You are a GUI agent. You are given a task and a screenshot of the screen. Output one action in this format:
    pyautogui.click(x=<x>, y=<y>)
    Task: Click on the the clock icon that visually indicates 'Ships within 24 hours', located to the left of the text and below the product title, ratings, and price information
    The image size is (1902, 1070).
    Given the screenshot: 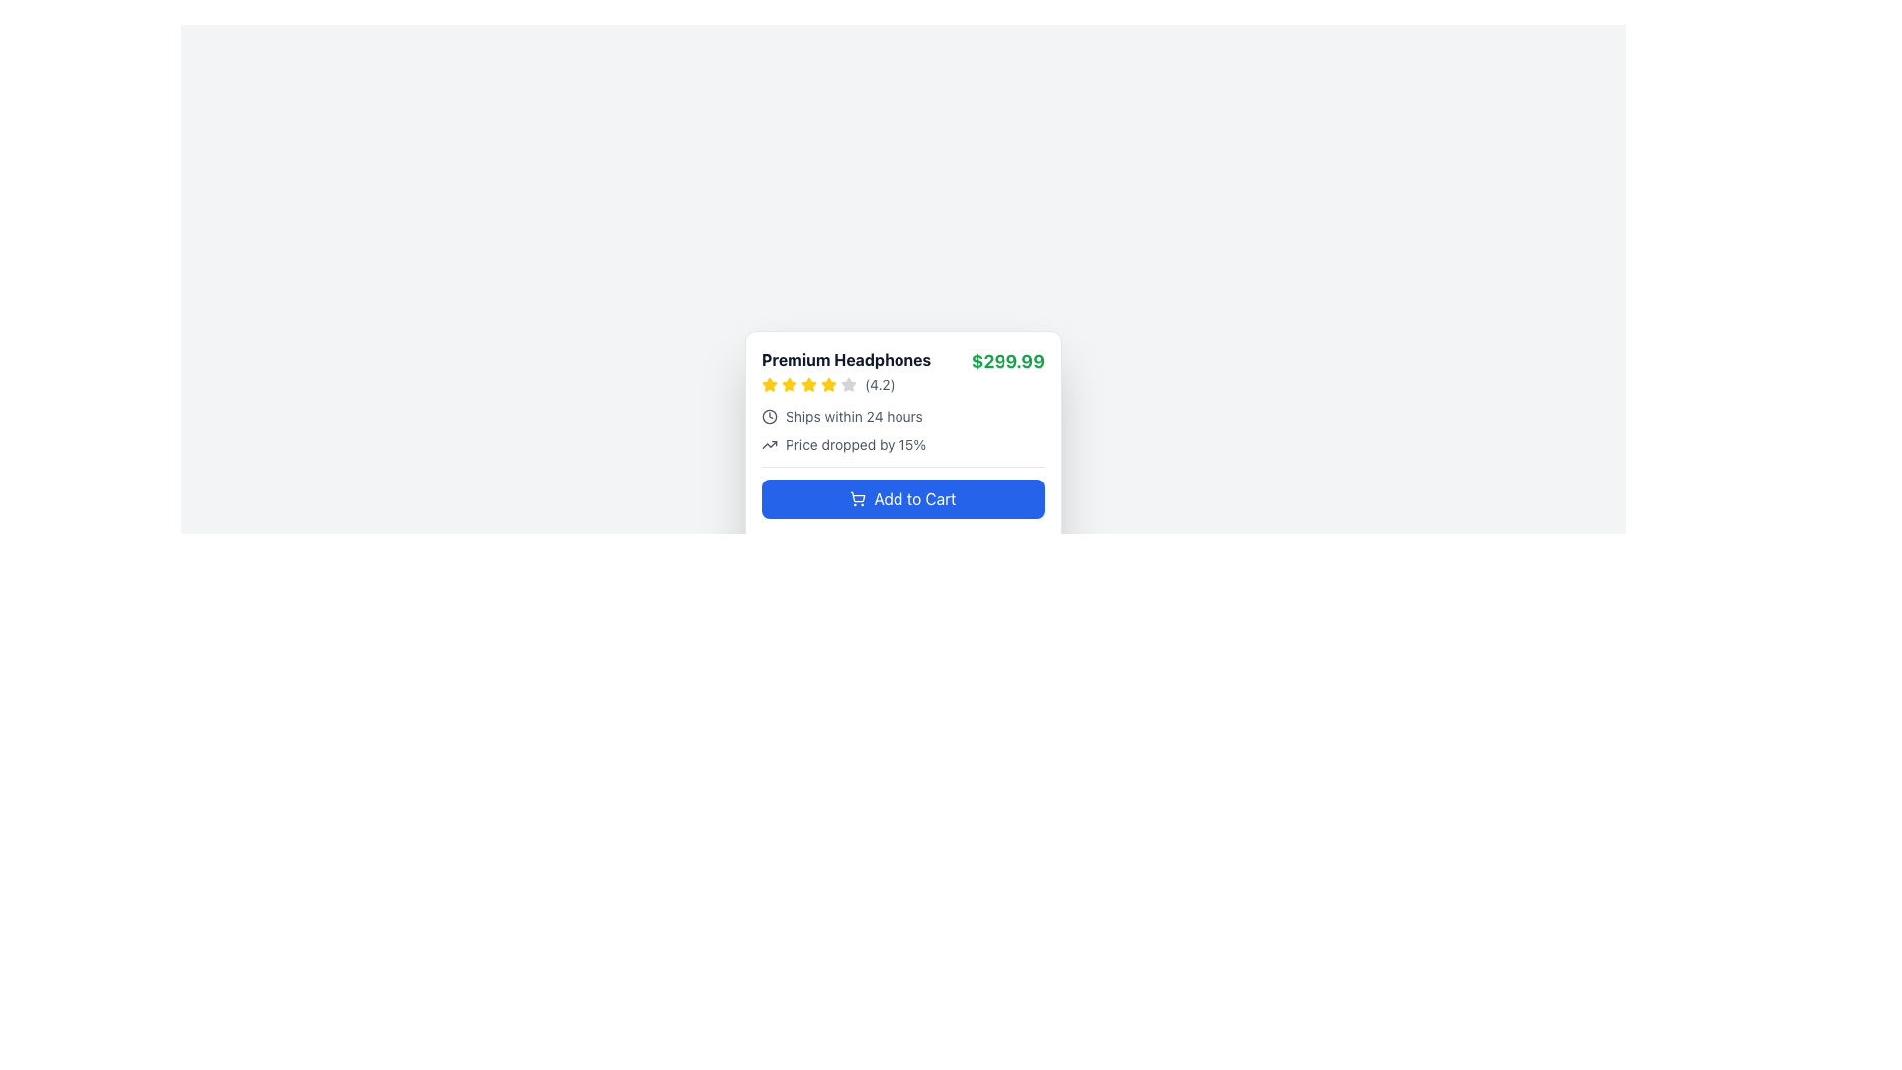 What is the action you would take?
    pyautogui.click(x=769, y=415)
    